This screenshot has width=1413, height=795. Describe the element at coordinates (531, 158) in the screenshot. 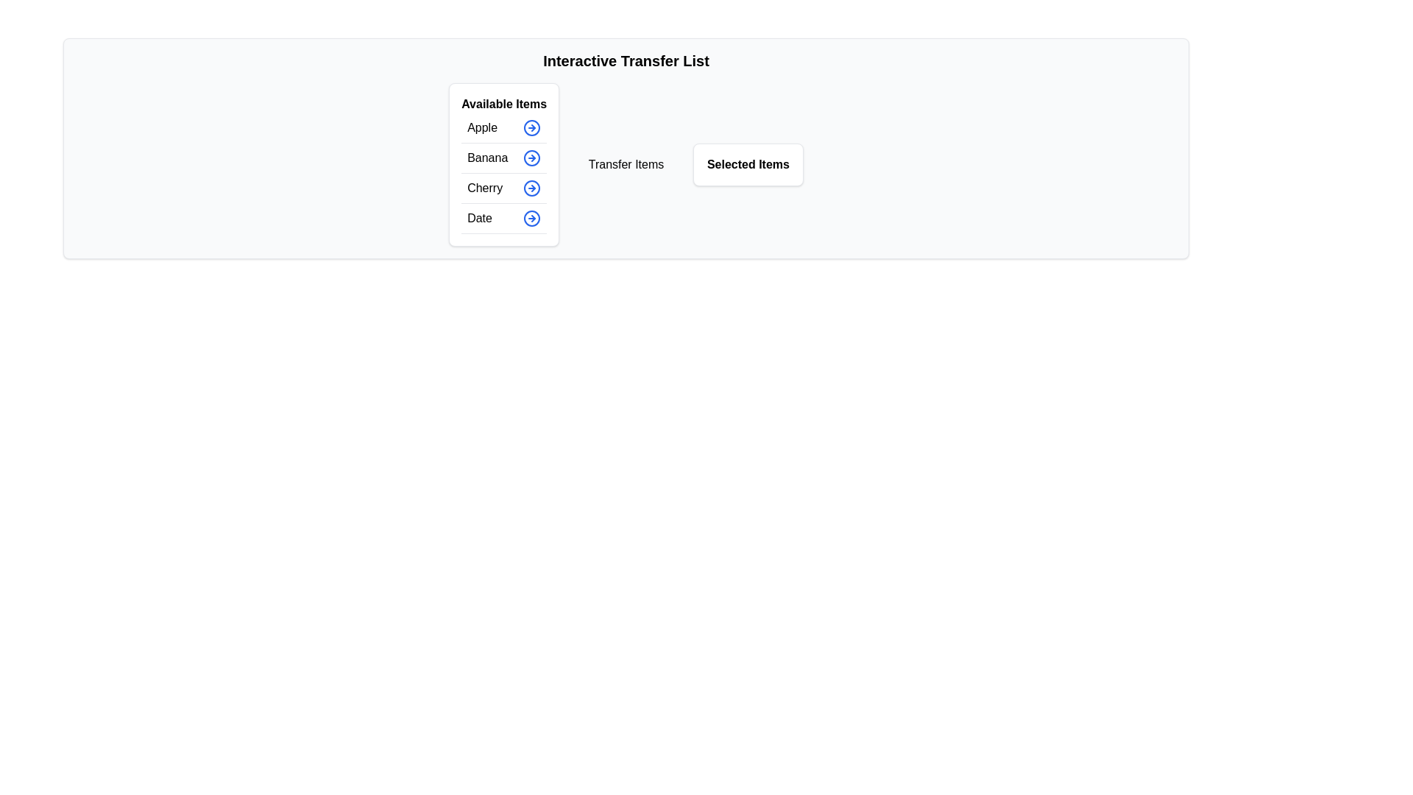

I see `the button corresponding to Banana in the available items list to display its tooltip or visual feedback` at that location.